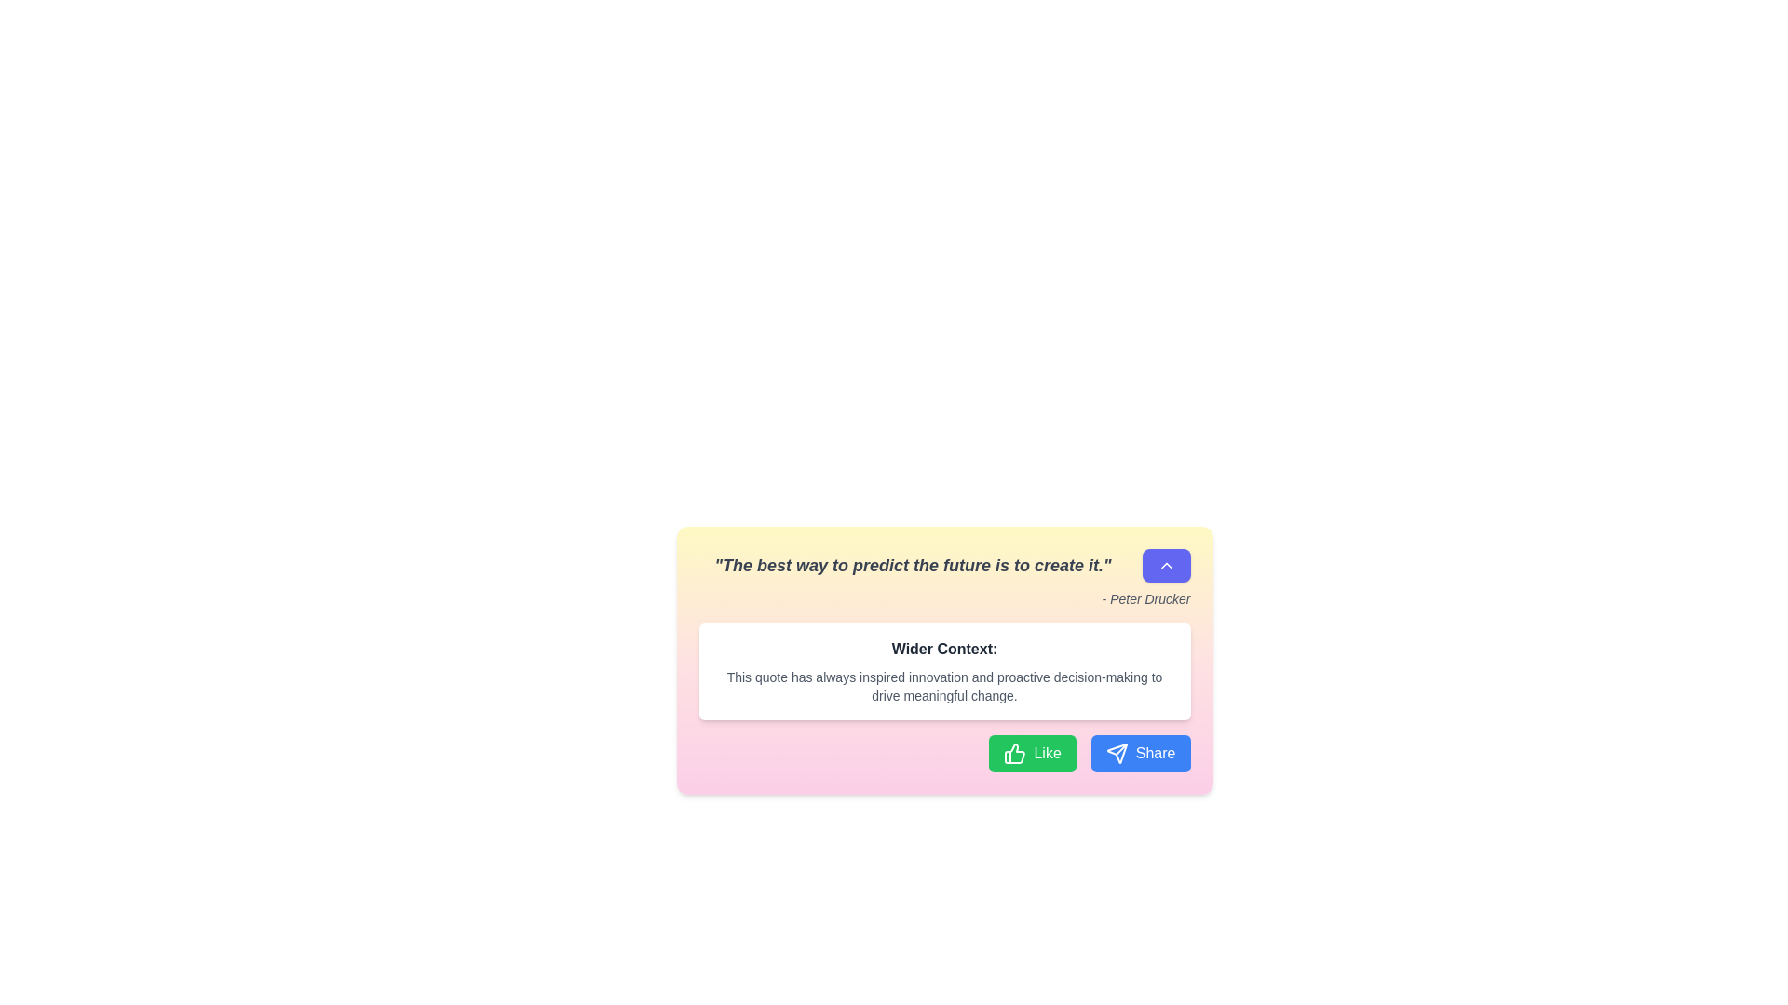 Image resolution: width=1788 pixels, height=1005 pixels. I want to click on the thumbs-up icon button that represents liking content, located at the bottom of the card-like structure, so click(1014, 754).